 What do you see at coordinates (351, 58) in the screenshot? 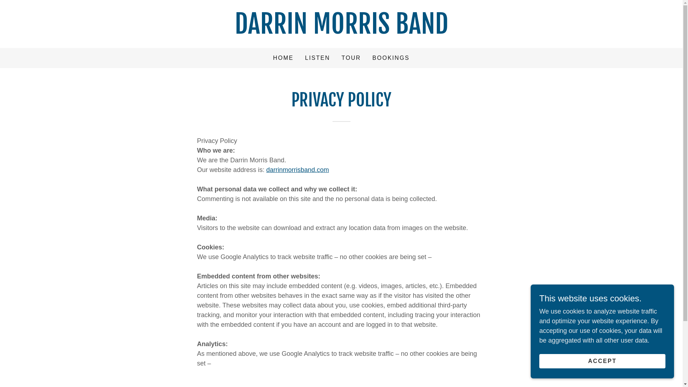
I see `'TOUR'` at bounding box center [351, 58].